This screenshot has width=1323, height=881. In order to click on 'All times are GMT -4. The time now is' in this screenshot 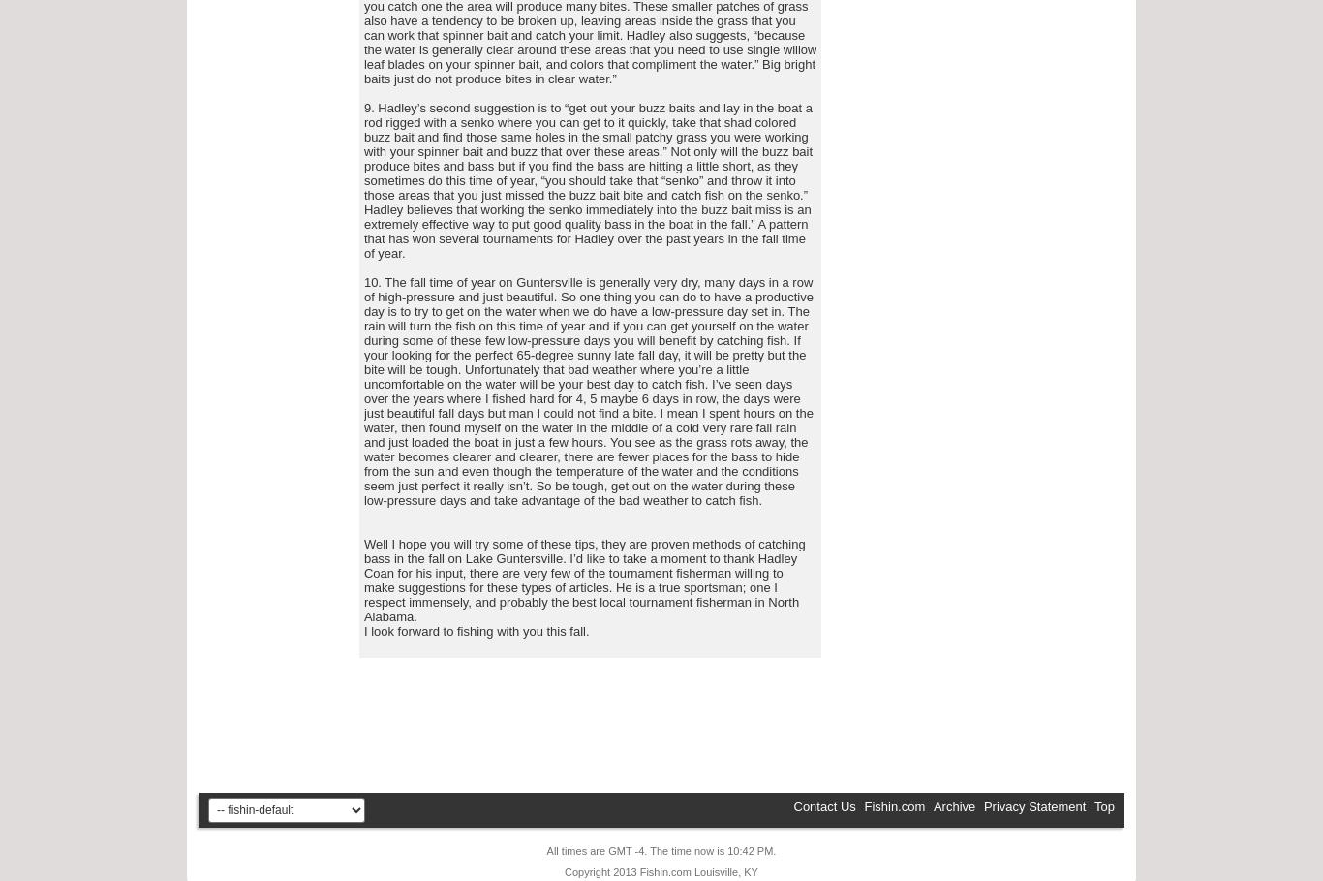, I will do `click(635, 851)`.